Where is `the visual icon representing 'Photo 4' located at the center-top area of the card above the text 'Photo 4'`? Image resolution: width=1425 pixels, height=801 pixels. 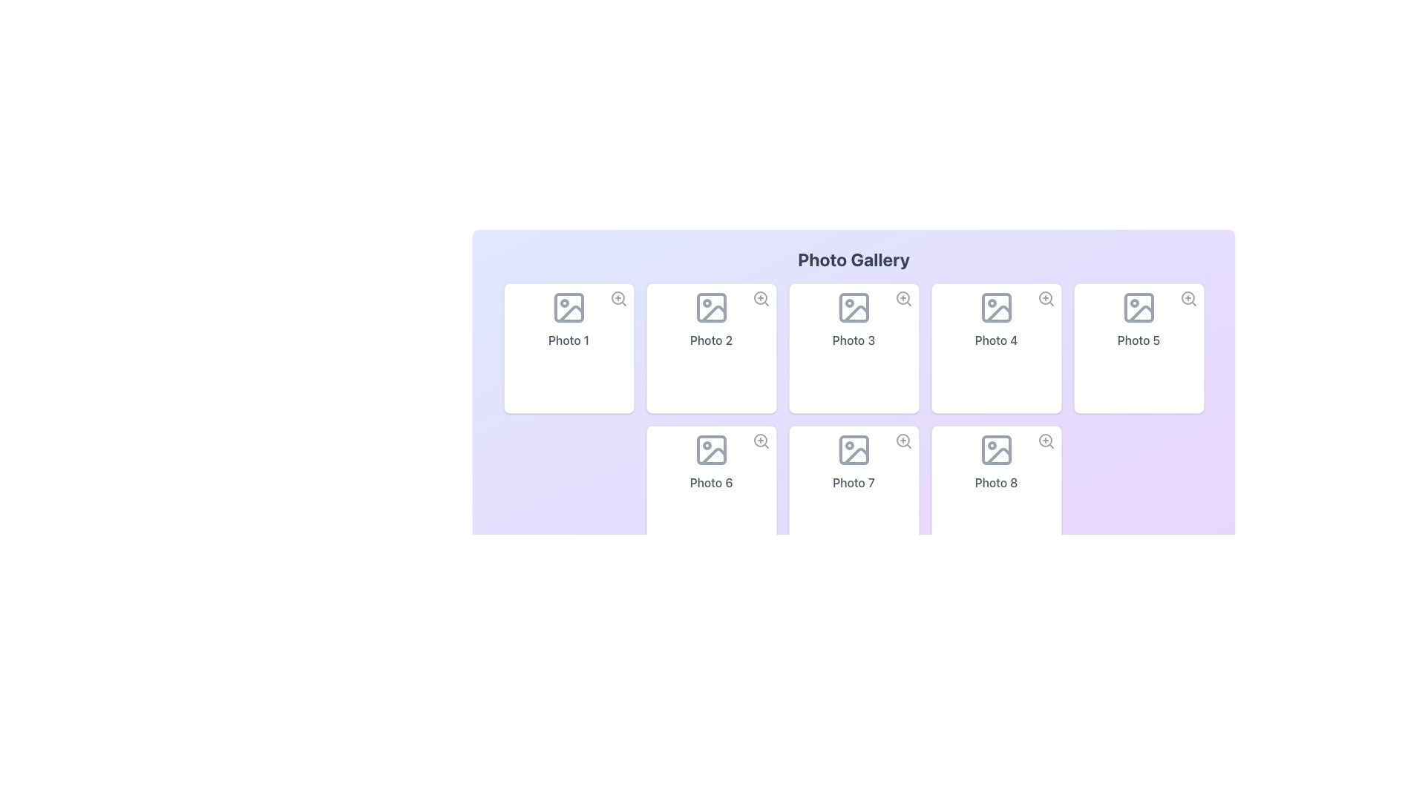 the visual icon representing 'Photo 4' located at the center-top area of the card above the text 'Photo 4' is located at coordinates (996, 307).